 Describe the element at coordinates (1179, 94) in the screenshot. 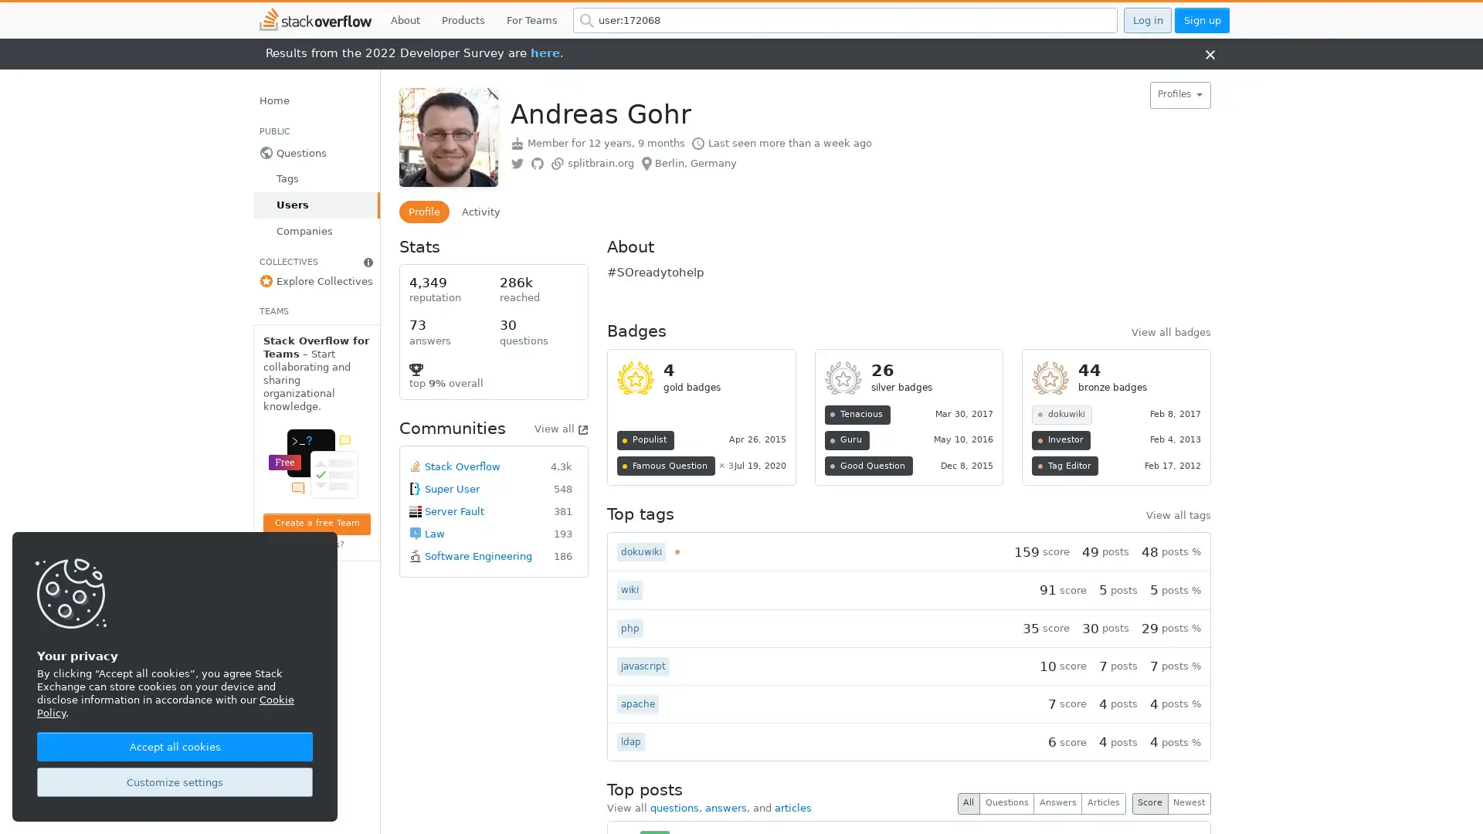

I see `Profiles` at that location.